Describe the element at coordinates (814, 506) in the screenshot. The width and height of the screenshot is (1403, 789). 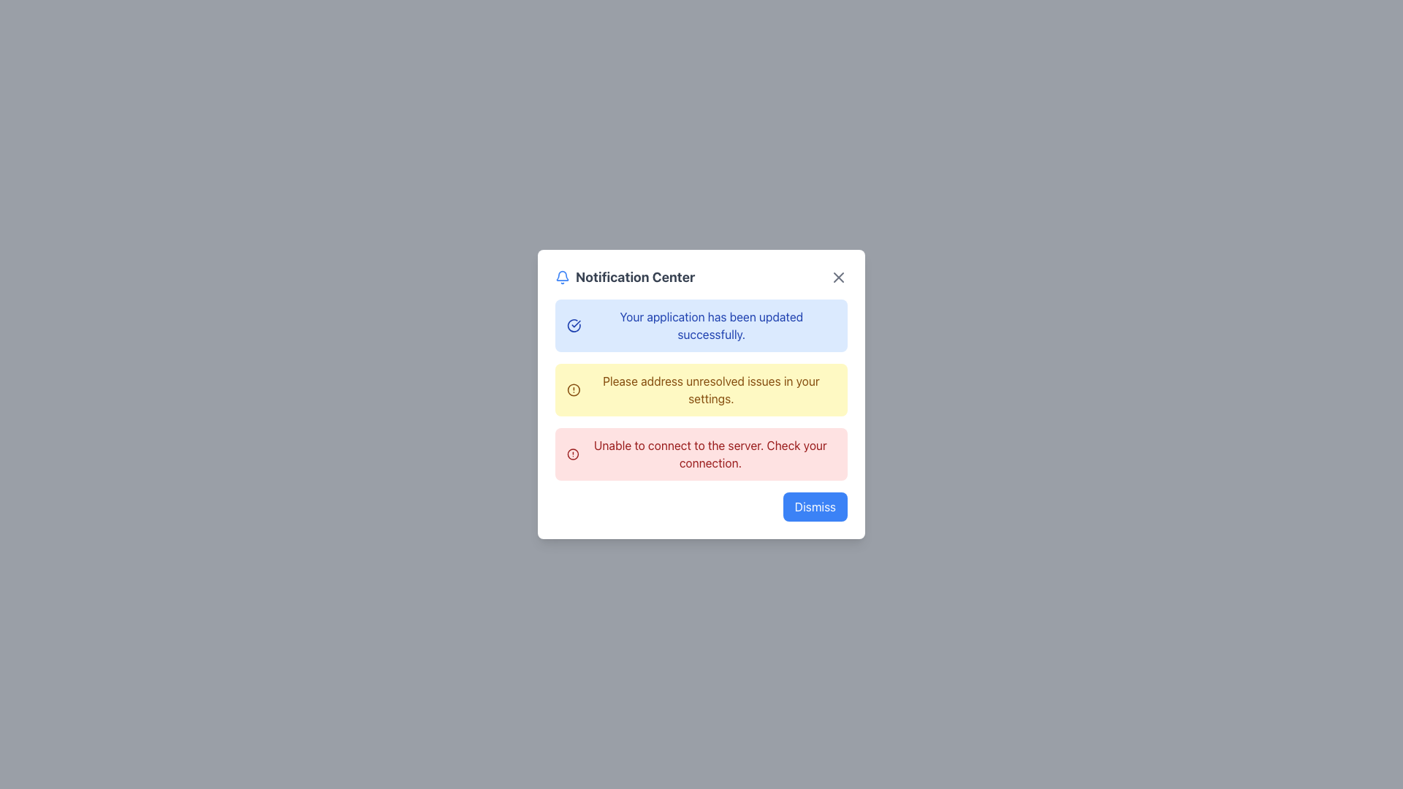
I see `the dismiss button located in the bottom-right corner of the notification modal to trigger a visual effect` at that location.